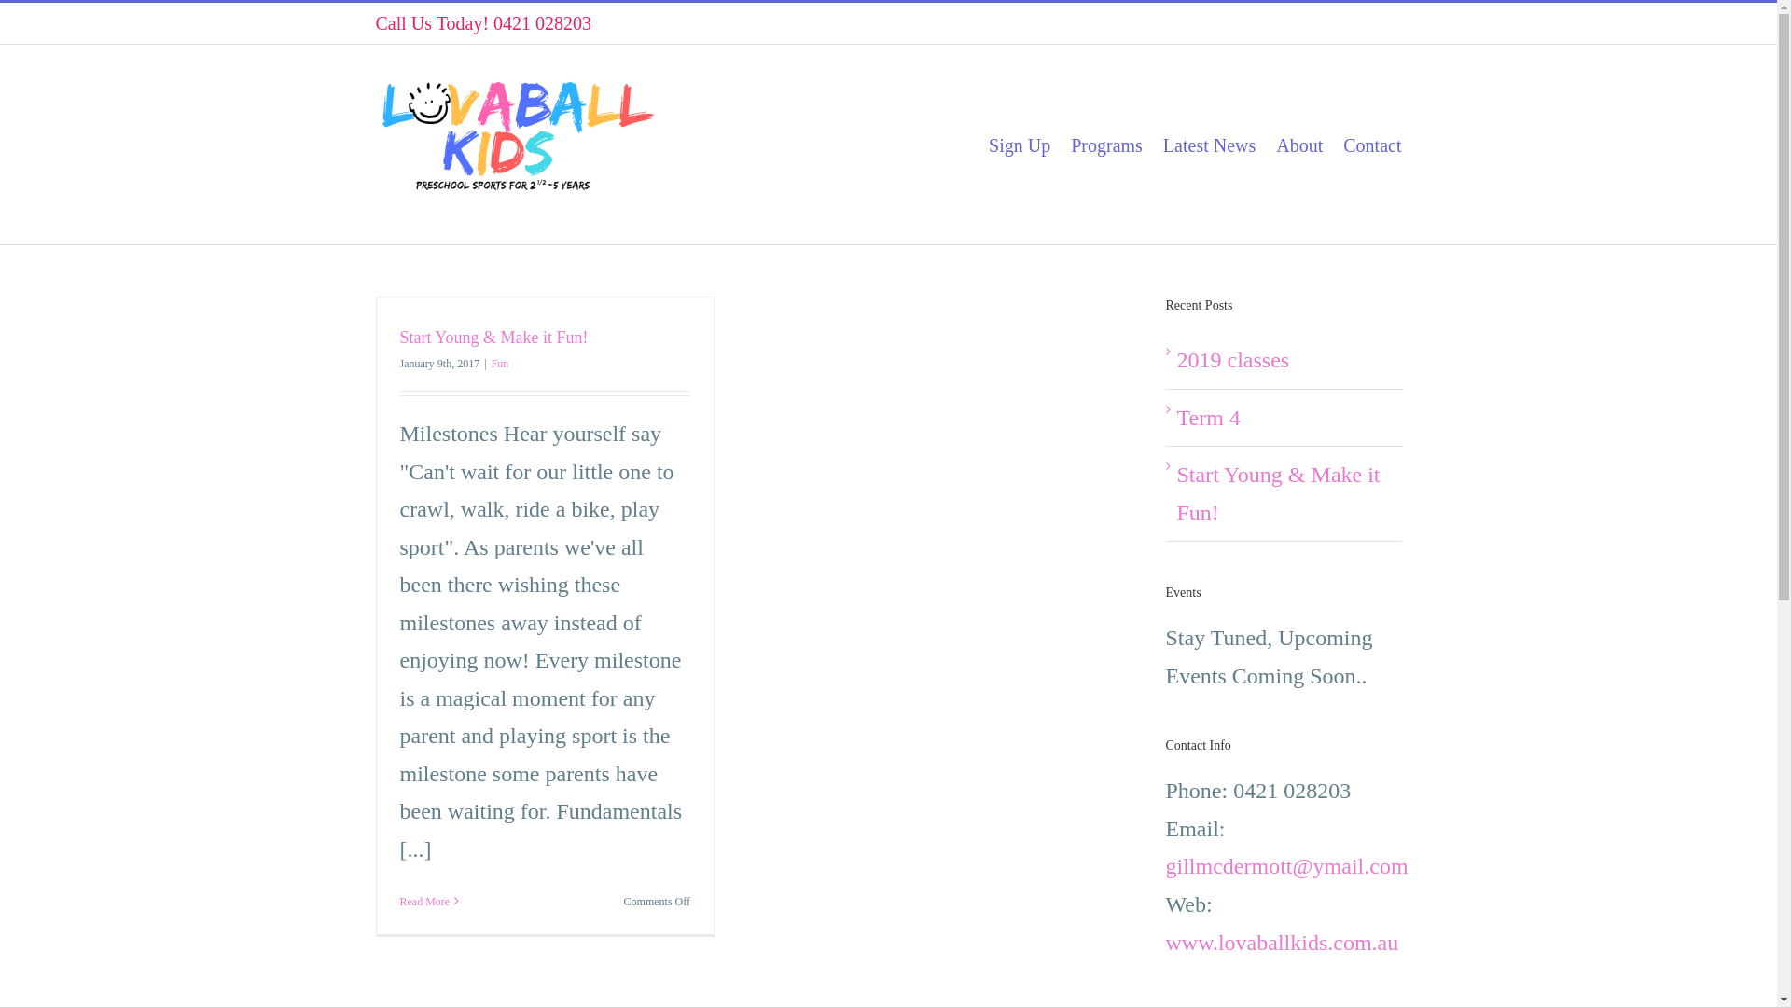 The width and height of the screenshot is (1791, 1007). What do you see at coordinates (1209, 416) in the screenshot?
I see `'Term 4'` at bounding box center [1209, 416].